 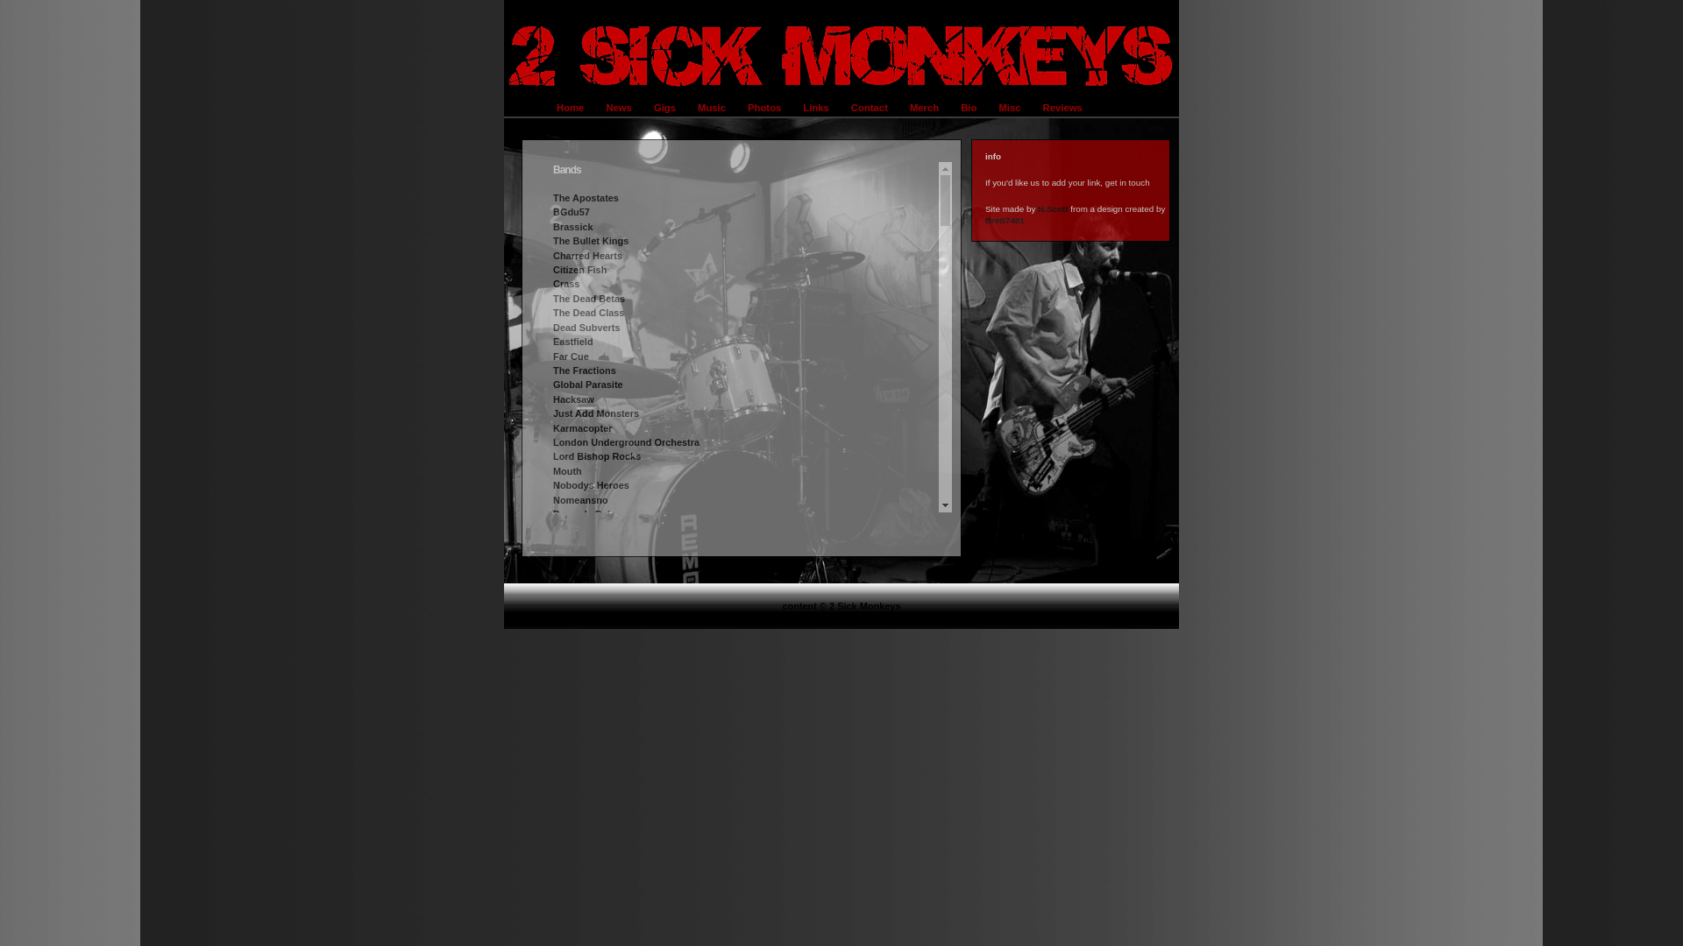 What do you see at coordinates (579, 270) in the screenshot?
I see `'Citizen Fish'` at bounding box center [579, 270].